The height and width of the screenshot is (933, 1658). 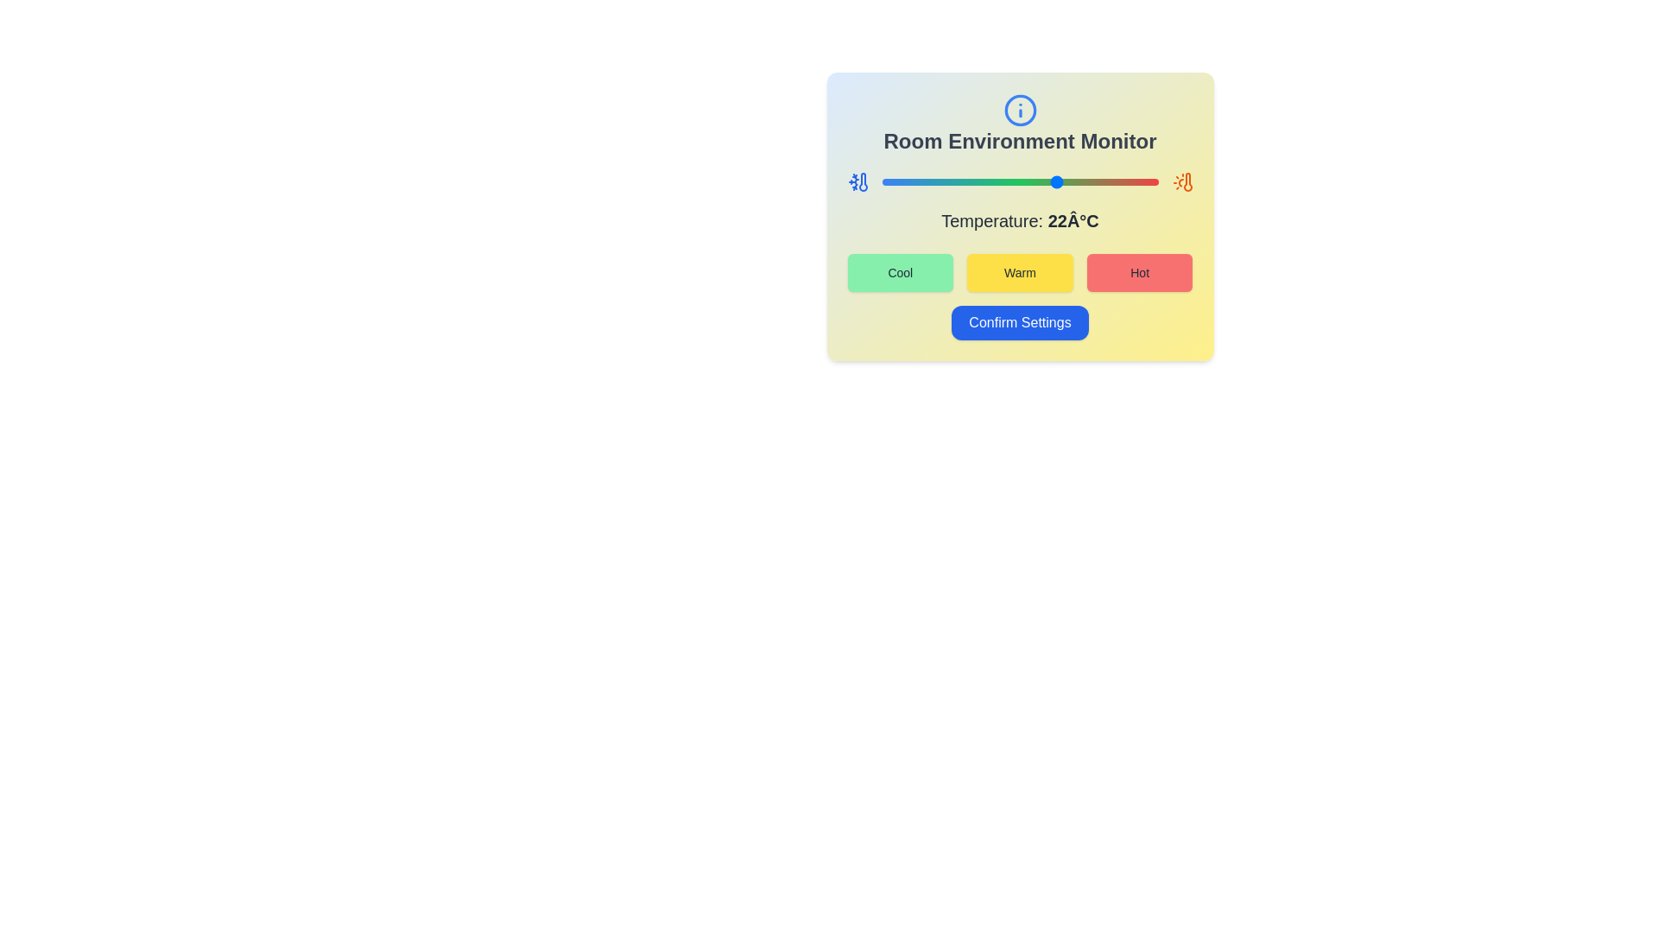 I want to click on the temperature slider to 36°C, so click(x=1136, y=182).